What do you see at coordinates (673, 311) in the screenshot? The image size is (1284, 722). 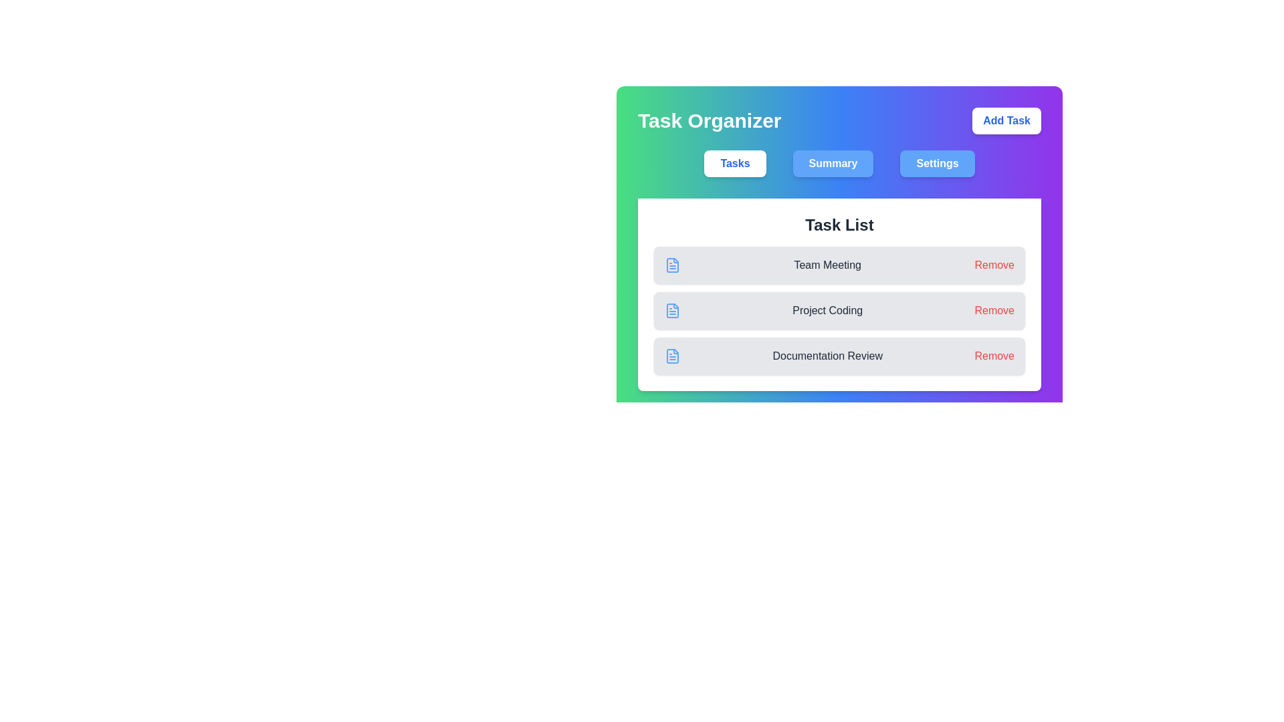 I see `the blue document icon located to the left of the 'Project Coding' label` at bounding box center [673, 311].